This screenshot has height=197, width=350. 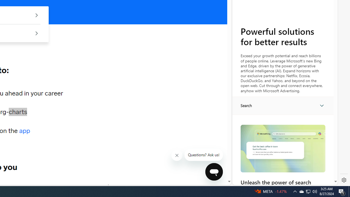 What do you see at coordinates (24, 131) in the screenshot?
I see `'app'` at bounding box center [24, 131].